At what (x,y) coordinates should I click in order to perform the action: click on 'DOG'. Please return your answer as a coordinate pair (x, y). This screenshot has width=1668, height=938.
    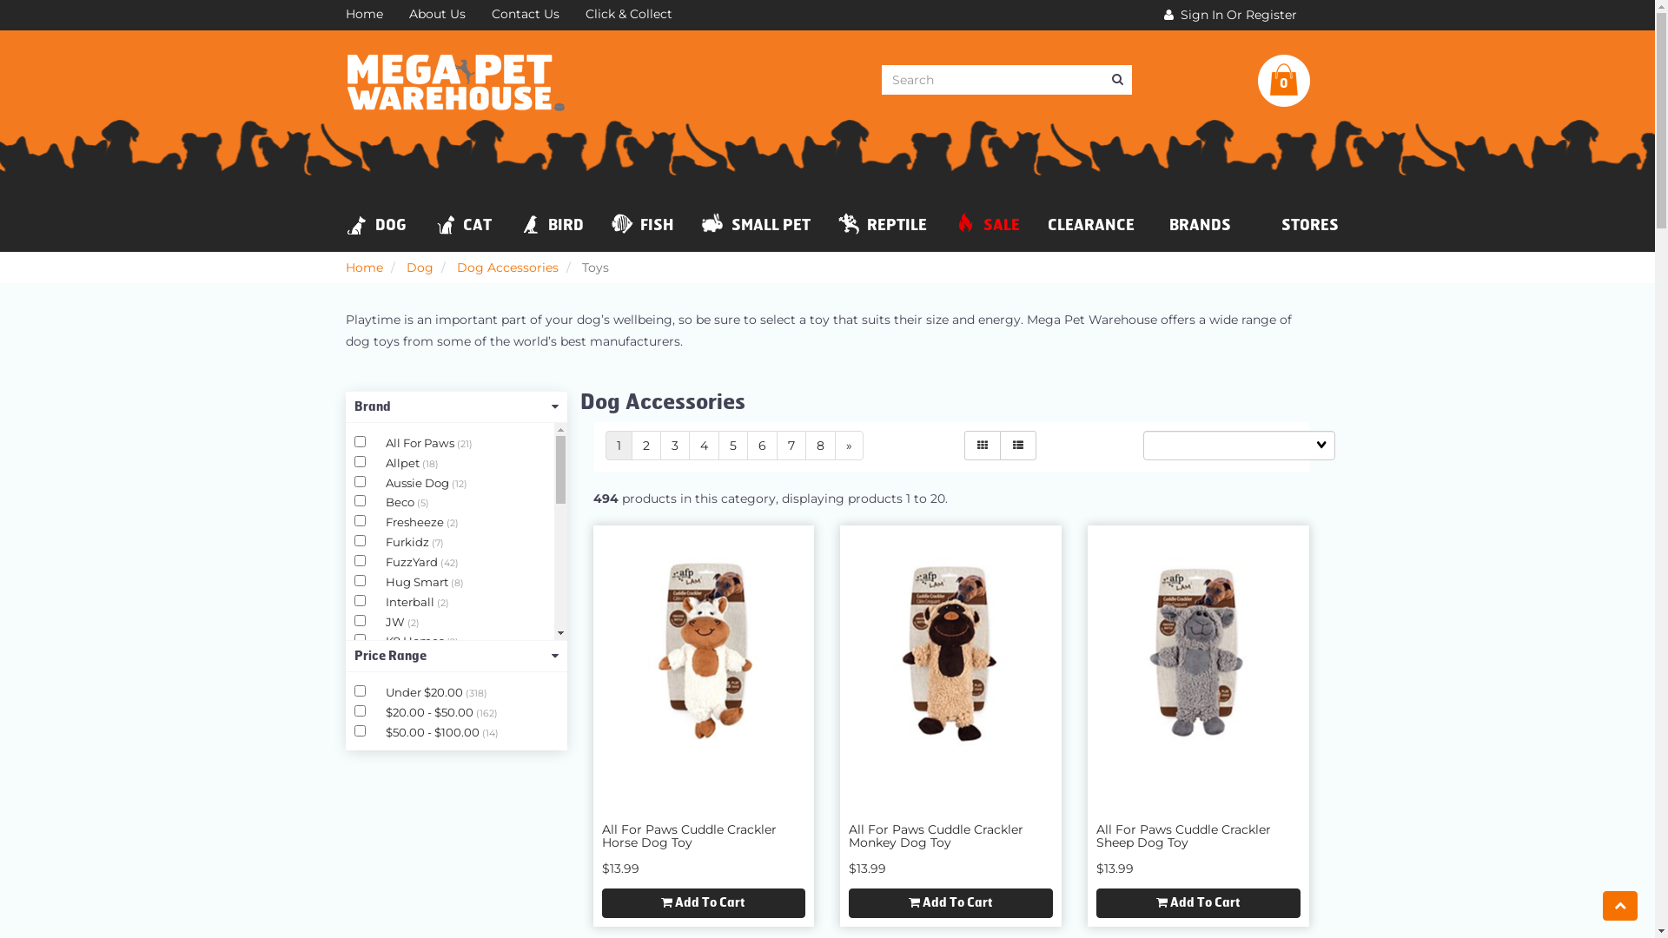
    Looking at the image, I should click on (374, 224).